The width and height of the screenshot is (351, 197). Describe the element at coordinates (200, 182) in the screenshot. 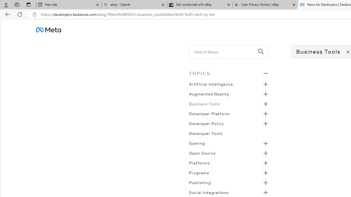

I see `'Publishing'` at that location.